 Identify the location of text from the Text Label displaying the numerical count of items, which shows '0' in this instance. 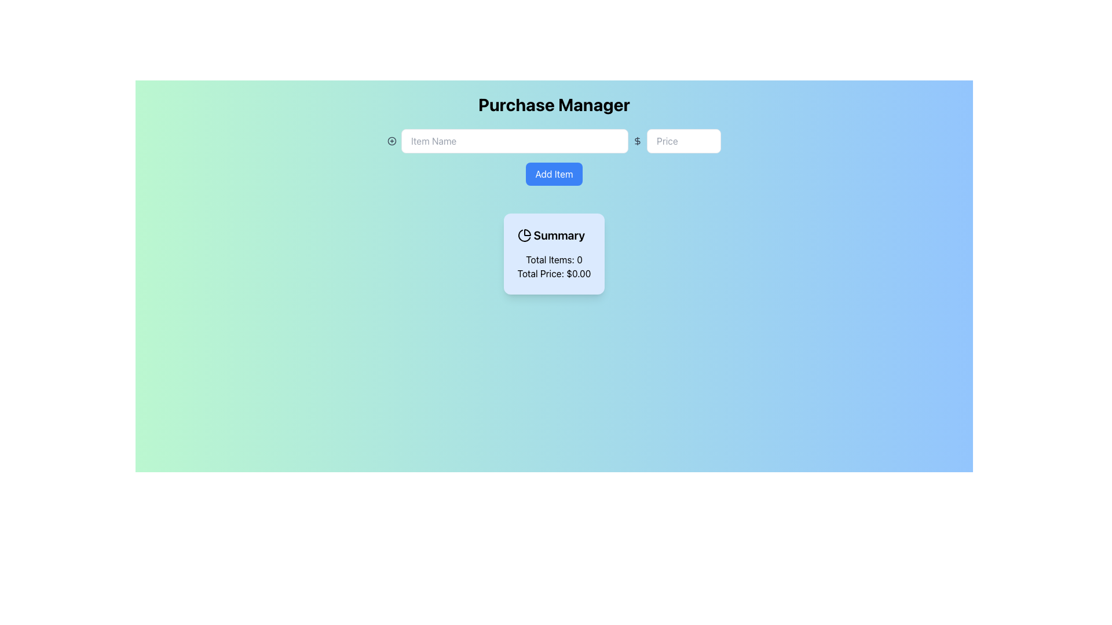
(553, 259).